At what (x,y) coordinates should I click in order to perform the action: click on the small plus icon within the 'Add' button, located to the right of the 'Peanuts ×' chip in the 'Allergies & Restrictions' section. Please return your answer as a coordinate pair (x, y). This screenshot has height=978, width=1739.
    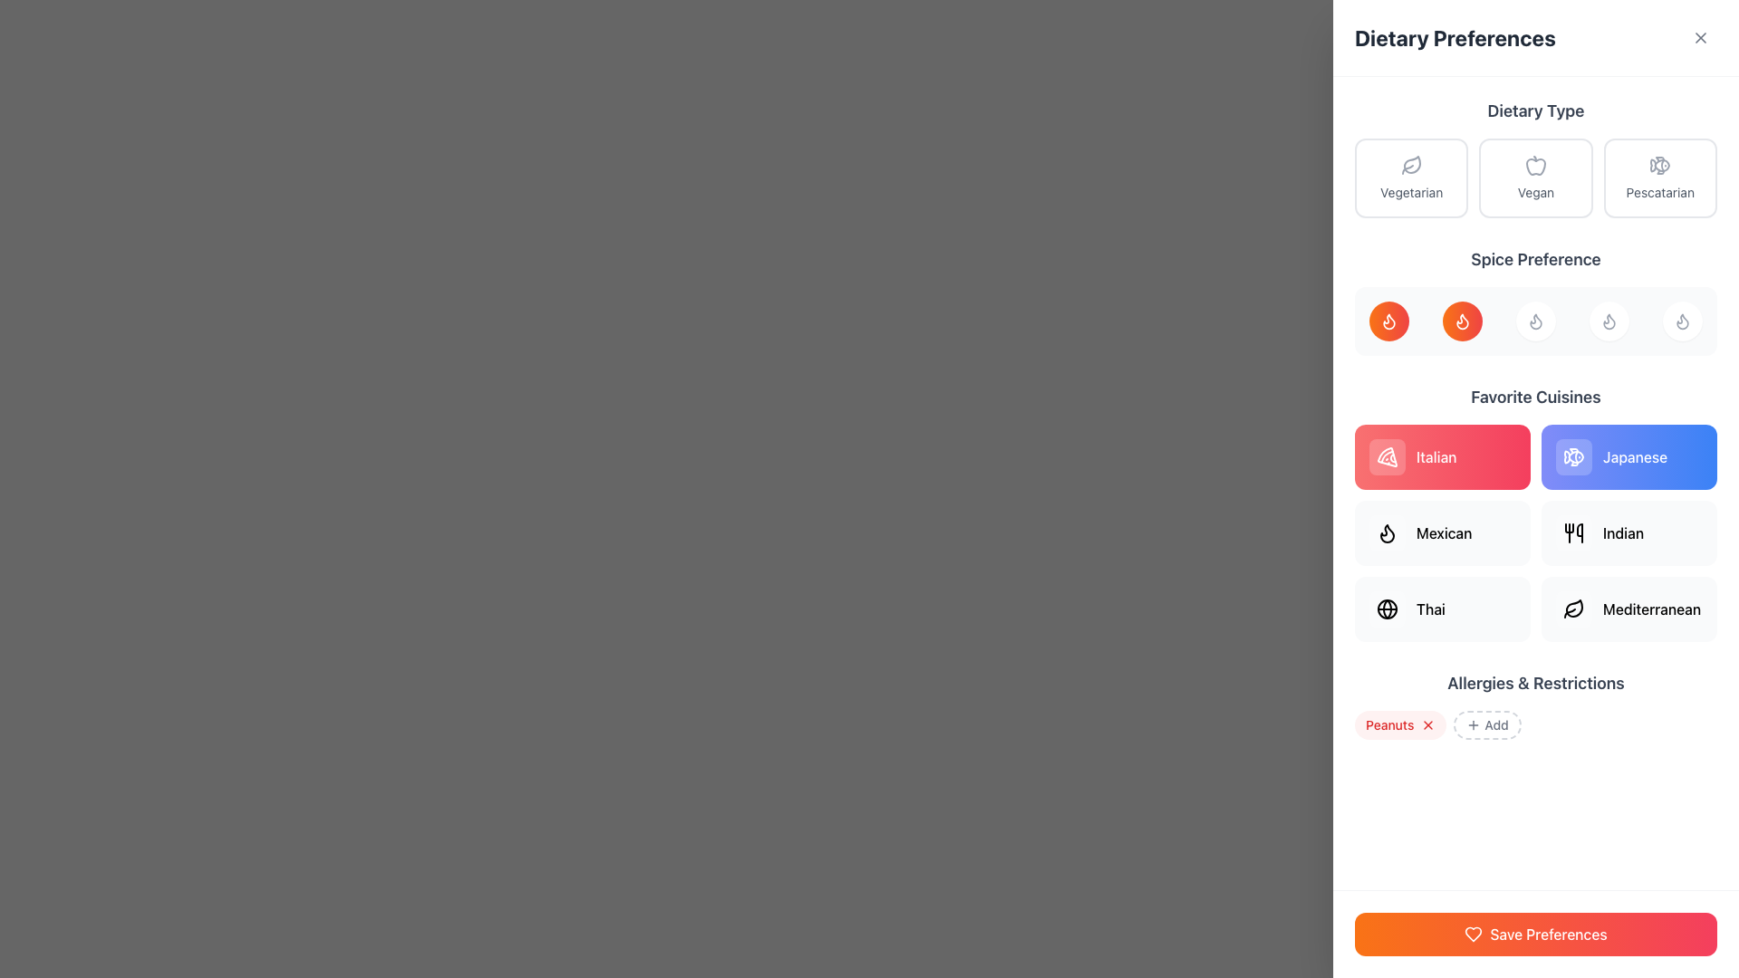
    Looking at the image, I should click on (1474, 724).